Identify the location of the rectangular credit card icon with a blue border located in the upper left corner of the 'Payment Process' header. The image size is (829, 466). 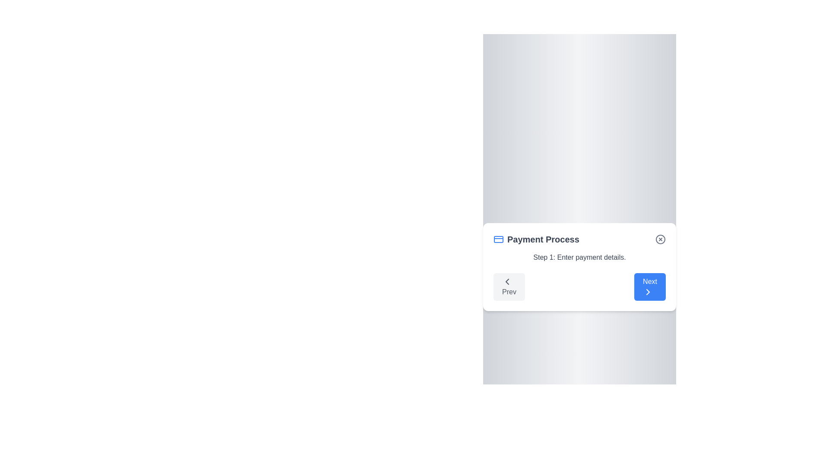
(499, 239).